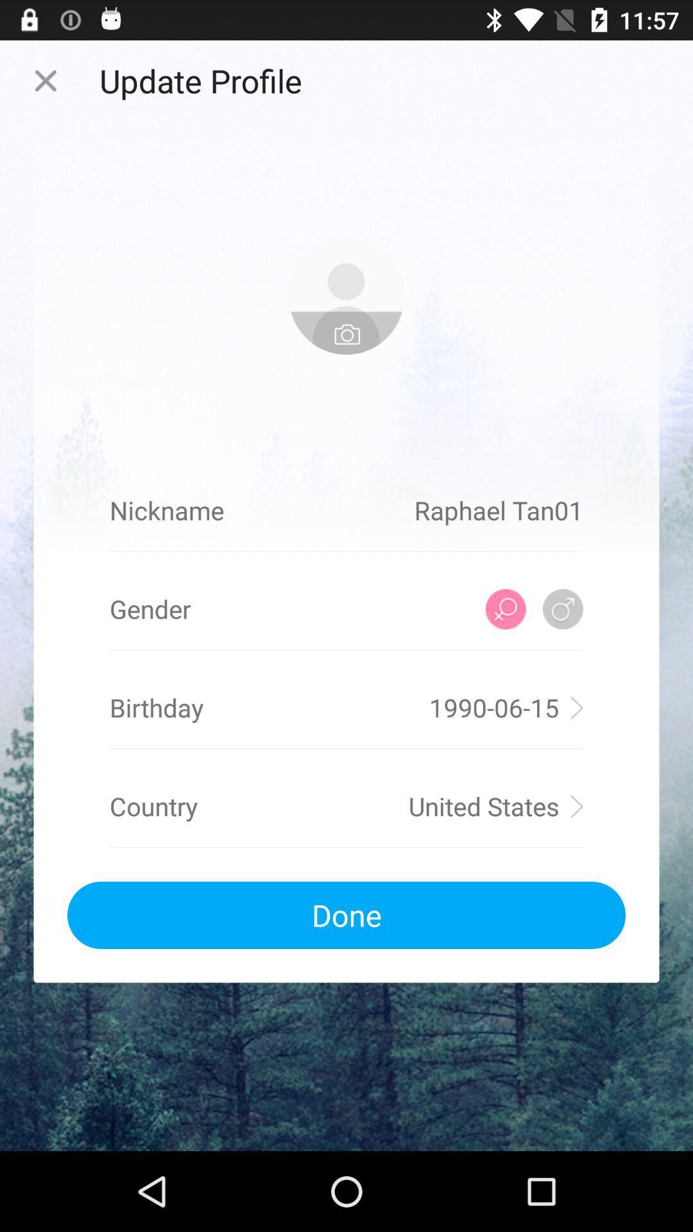 The width and height of the screenshot is (693, 1232). Describe the element at coordinates (562, 608) in the screenshot. I see `male gender option` at that location.